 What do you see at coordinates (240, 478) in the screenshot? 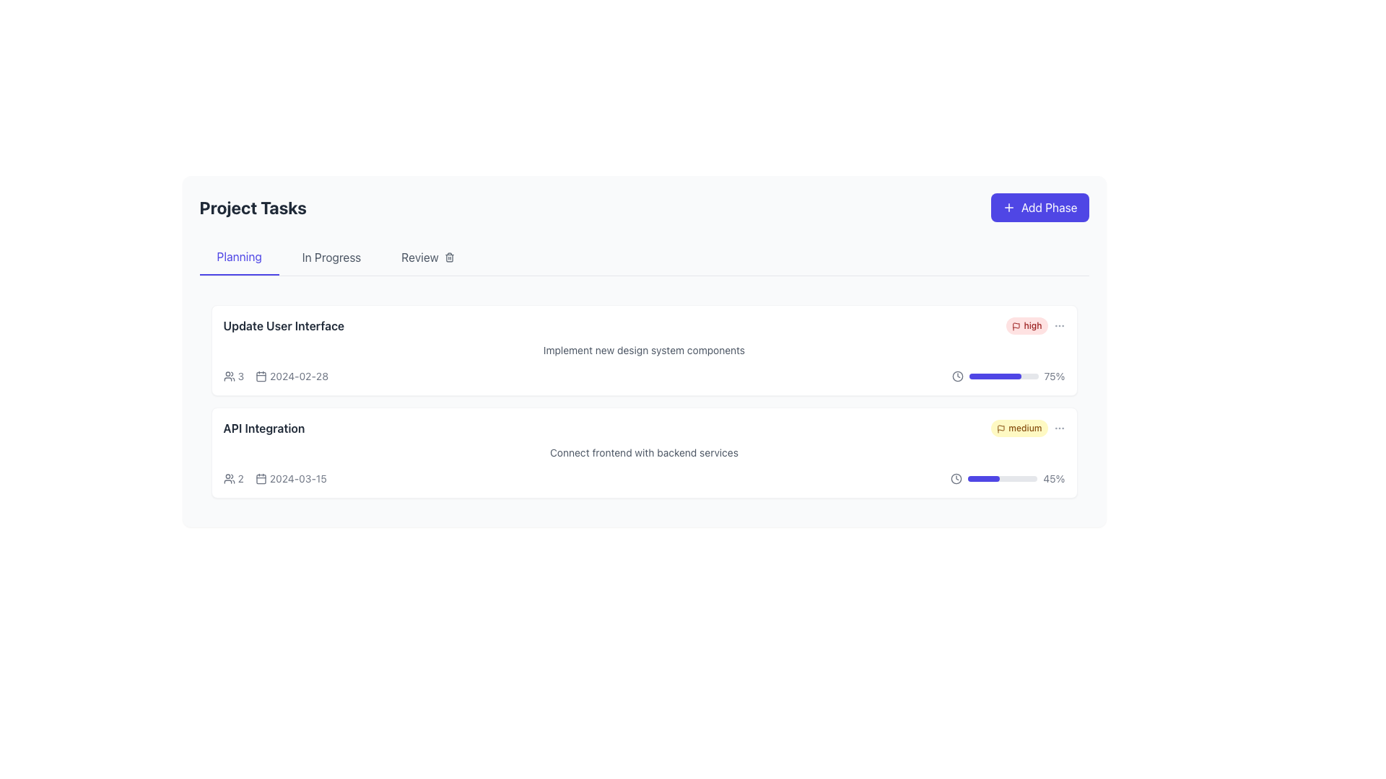
I see `numeric label displaying the number '2' located to the right of the user icon in the 'API Integration' panel` at bounding box center [240, 478].